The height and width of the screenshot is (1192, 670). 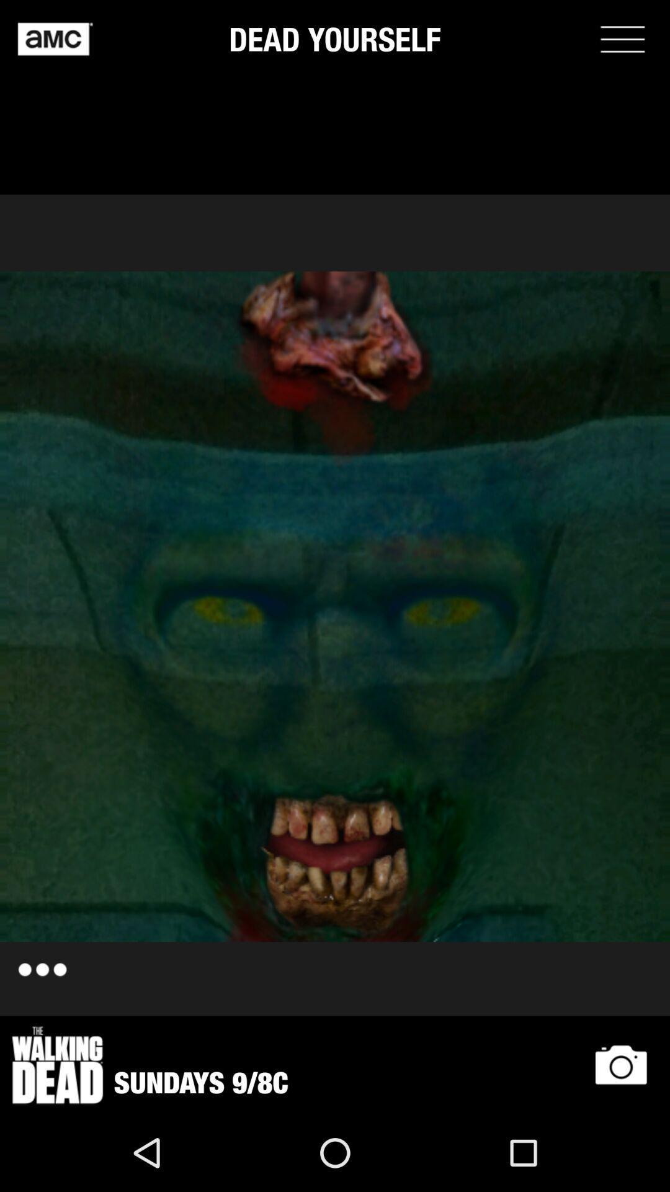 I want to click on the menu icon, so click(x=622, y=38).